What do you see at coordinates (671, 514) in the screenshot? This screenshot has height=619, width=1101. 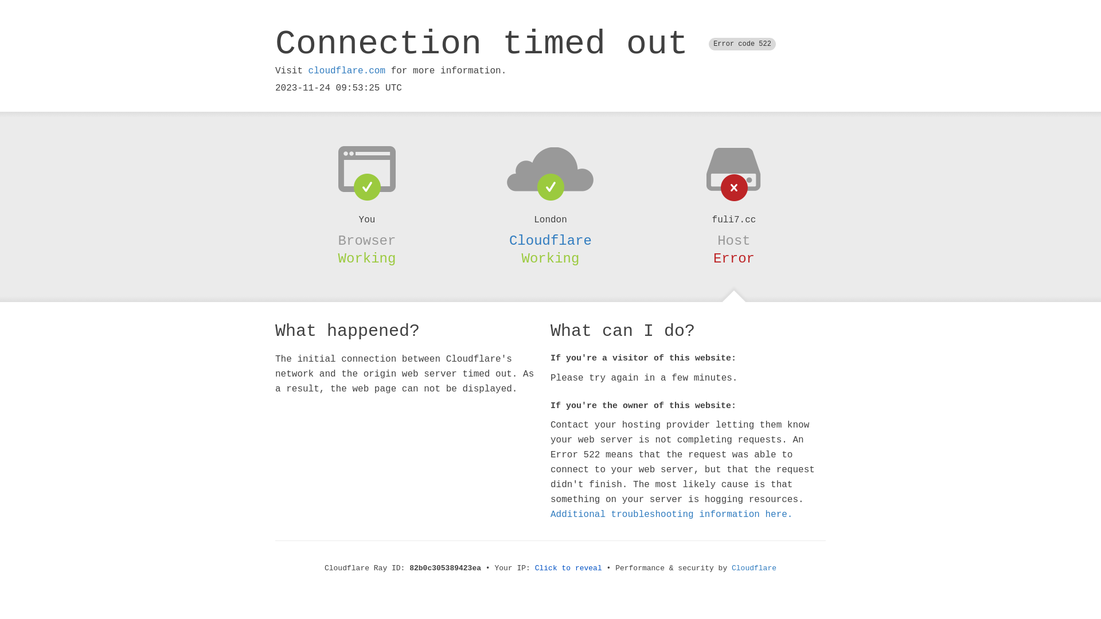 I see `'Additional troubleshooting information here.'` at bounding box center [671, 514].